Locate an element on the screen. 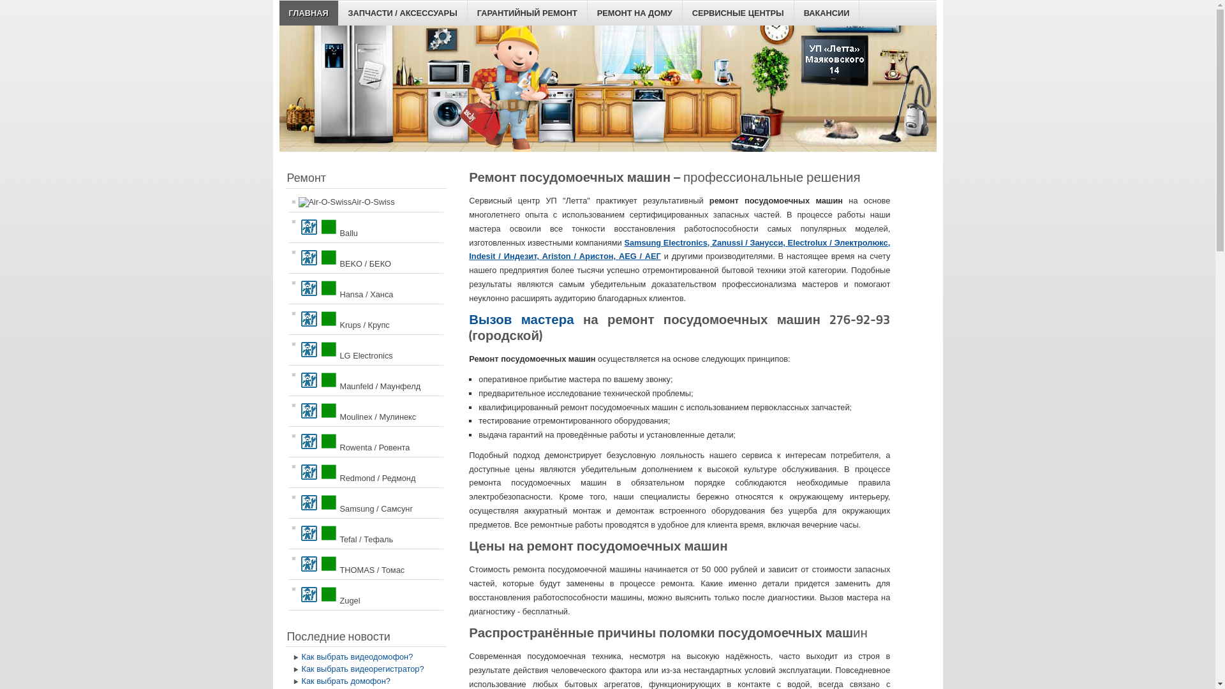 Image resolution: width=1225 pixels, height=689 pixels. 'Ballu' is located at coordinates (365, 226).